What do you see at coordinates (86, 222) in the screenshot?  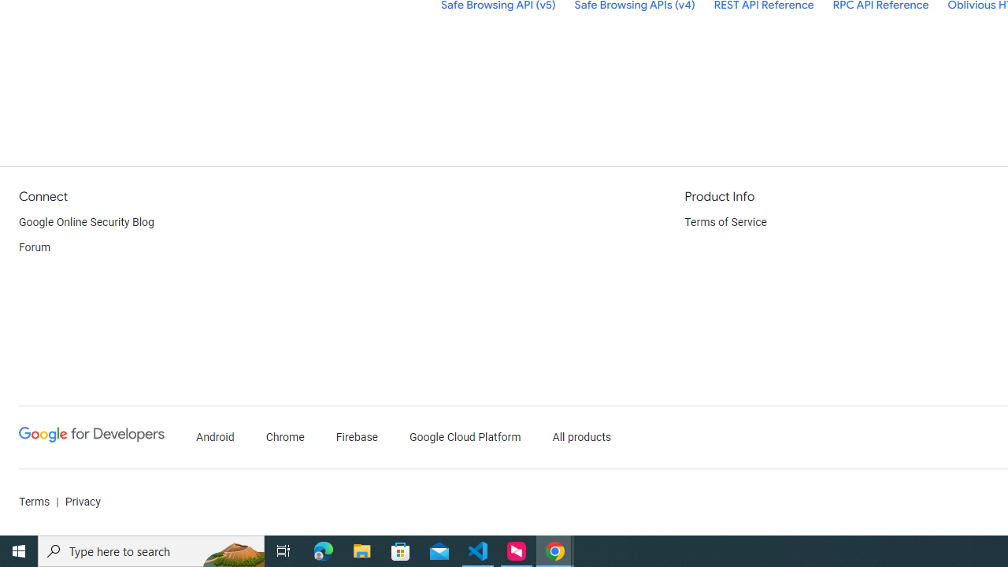 I see `'Google Online Security Blog'` at bounding box center [86, 222].